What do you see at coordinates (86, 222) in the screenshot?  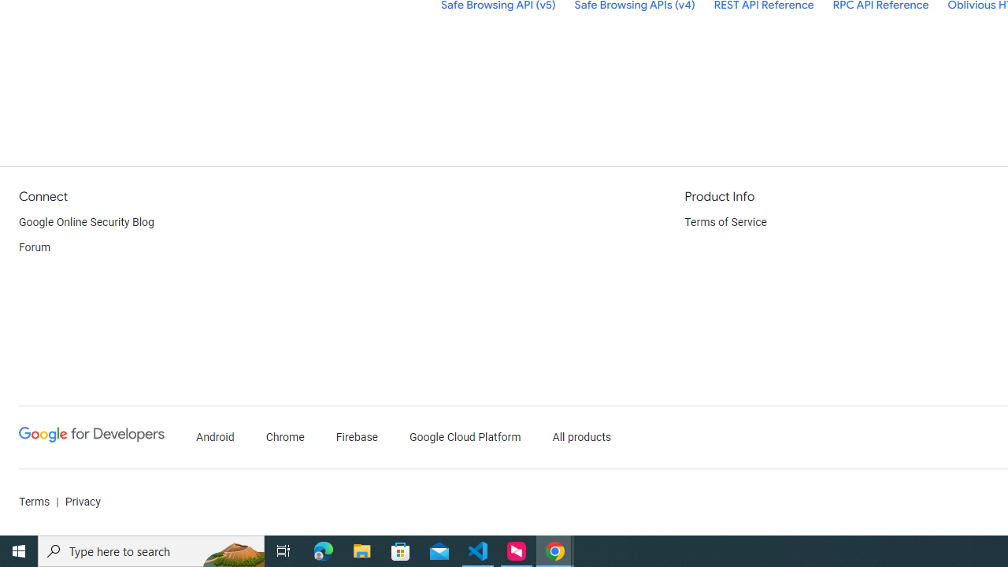 I see `'Google Online Security Blog'` at bounding box center [86, 222].